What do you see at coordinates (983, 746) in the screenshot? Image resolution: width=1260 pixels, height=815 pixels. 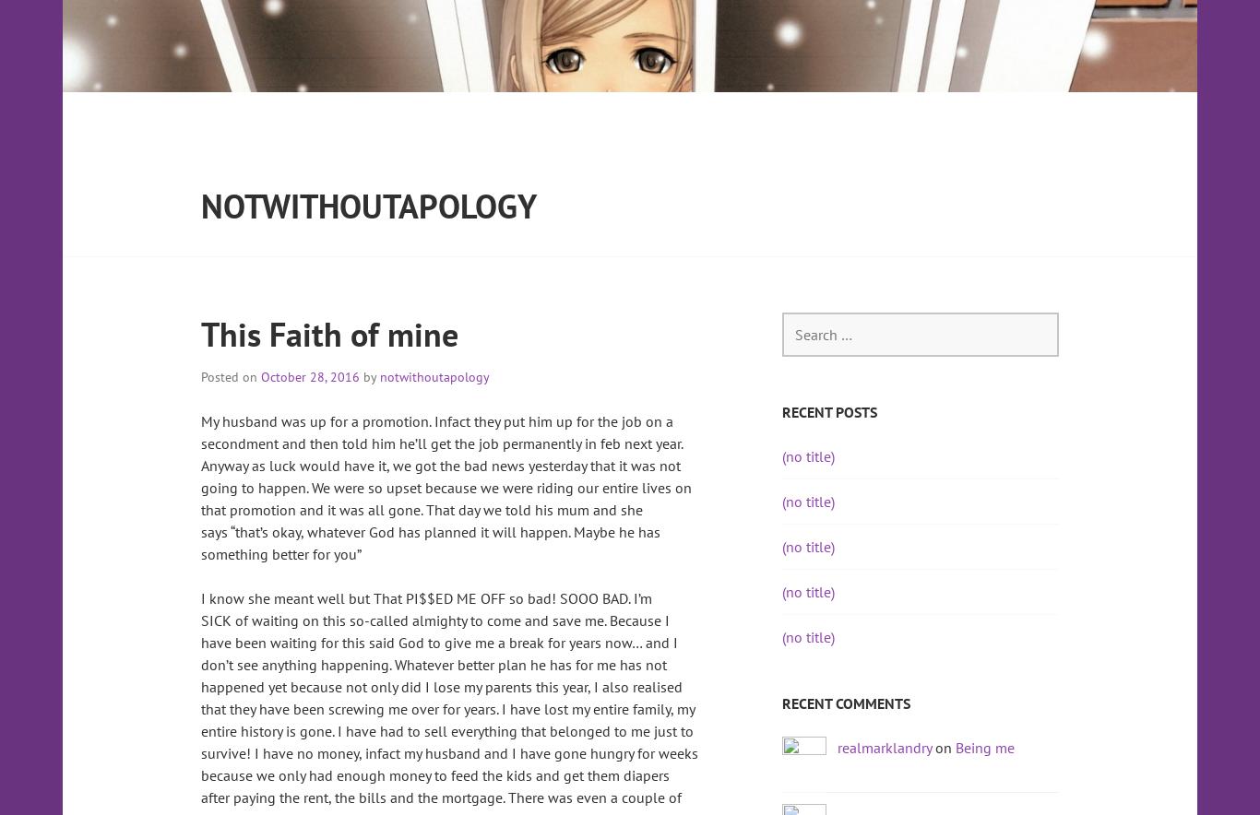 I see `'Being me'` at bounding box center [983, 746].